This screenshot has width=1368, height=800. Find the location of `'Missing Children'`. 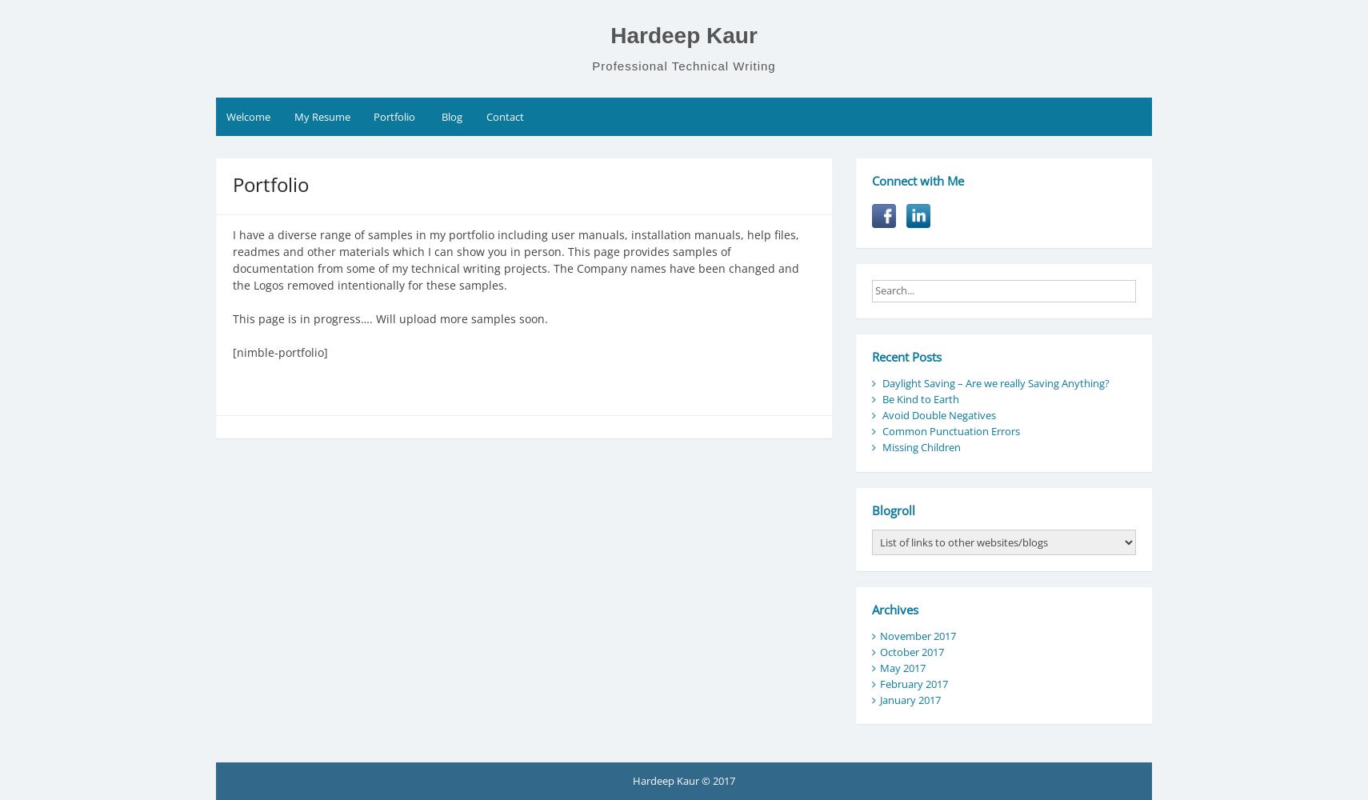

'Missing Children' is located at coordinates (920, 446).